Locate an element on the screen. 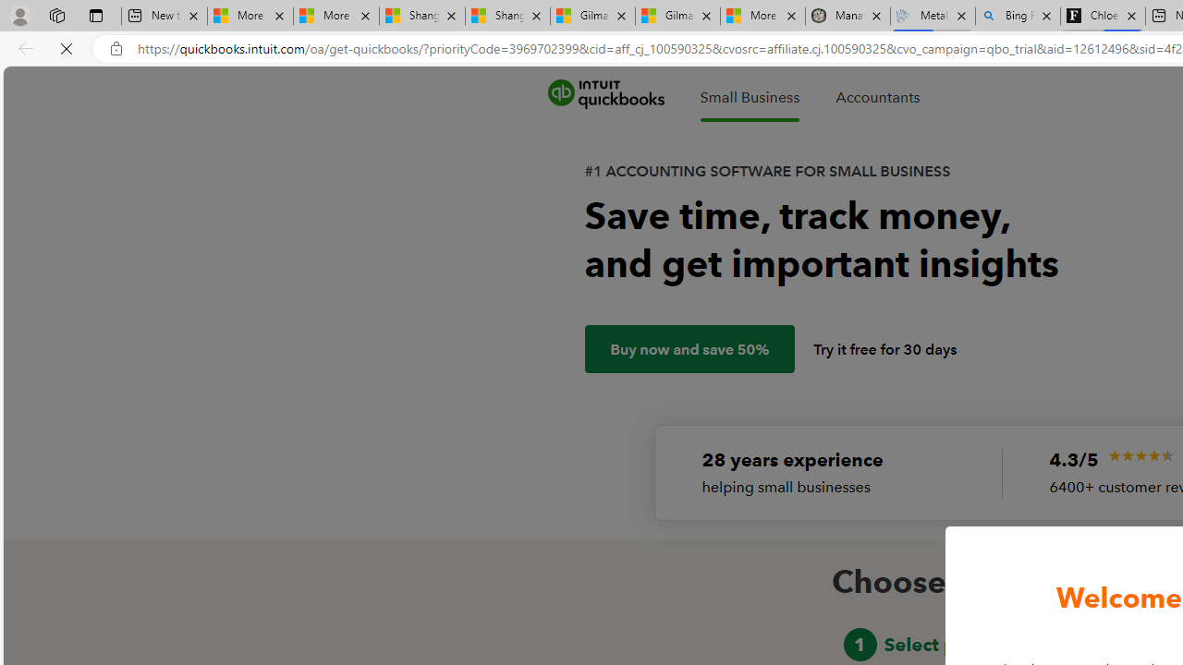 The height and width of the screenshot is (665, 1183). 'Buy now and save 50%' is located at coordinates (689, 349).